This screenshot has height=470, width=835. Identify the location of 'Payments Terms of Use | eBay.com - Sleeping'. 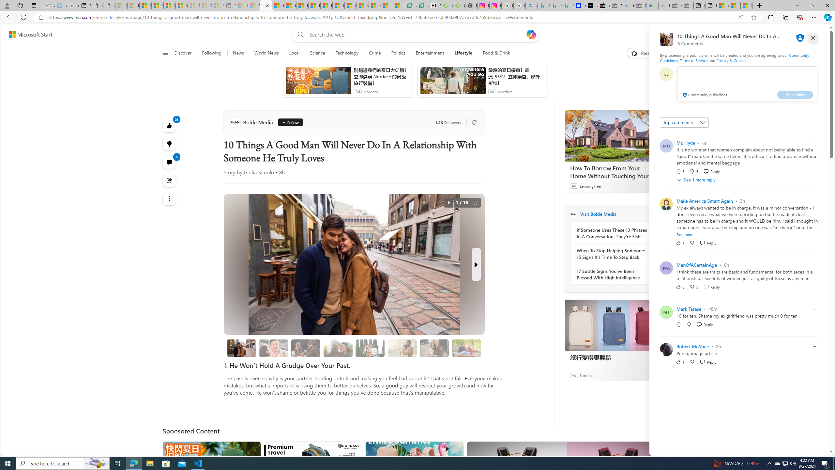
(664, 5).